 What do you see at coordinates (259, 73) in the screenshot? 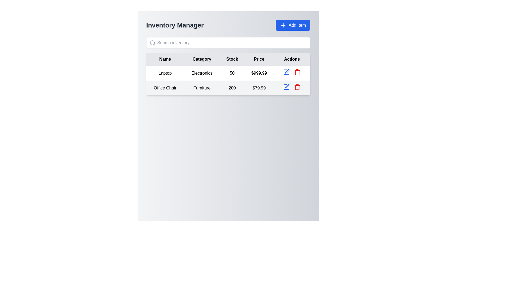
I see `the static text displaying the price '$999.99' which is bold and centrally aligned in the first row under the 'Price' column of the inventory management interface` at bounding box center [259, 73].